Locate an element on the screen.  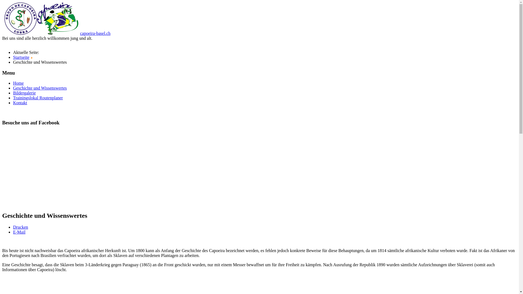
'Trainingslokal Routenplaner' is located at coordinates (38, 97).